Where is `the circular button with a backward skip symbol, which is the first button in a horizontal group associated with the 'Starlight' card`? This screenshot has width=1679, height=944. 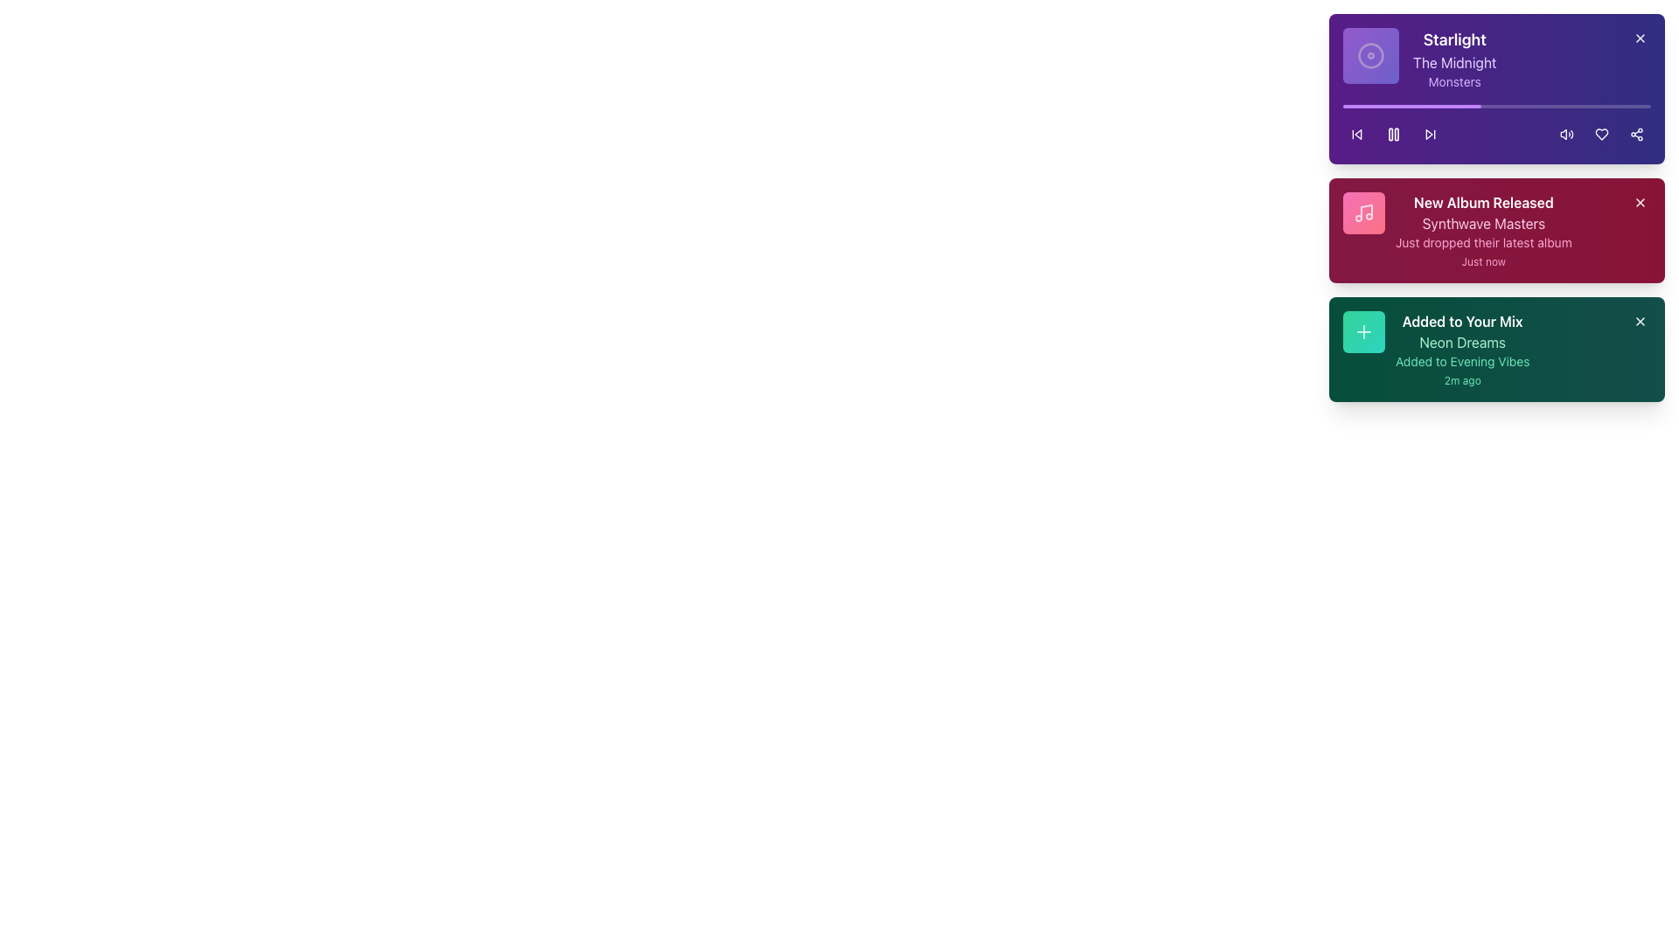 the circular button with a backward skip symbol, which is the first button in a horizontal group associated with the 'Starlight' card is located at coordinates (1355, 134).